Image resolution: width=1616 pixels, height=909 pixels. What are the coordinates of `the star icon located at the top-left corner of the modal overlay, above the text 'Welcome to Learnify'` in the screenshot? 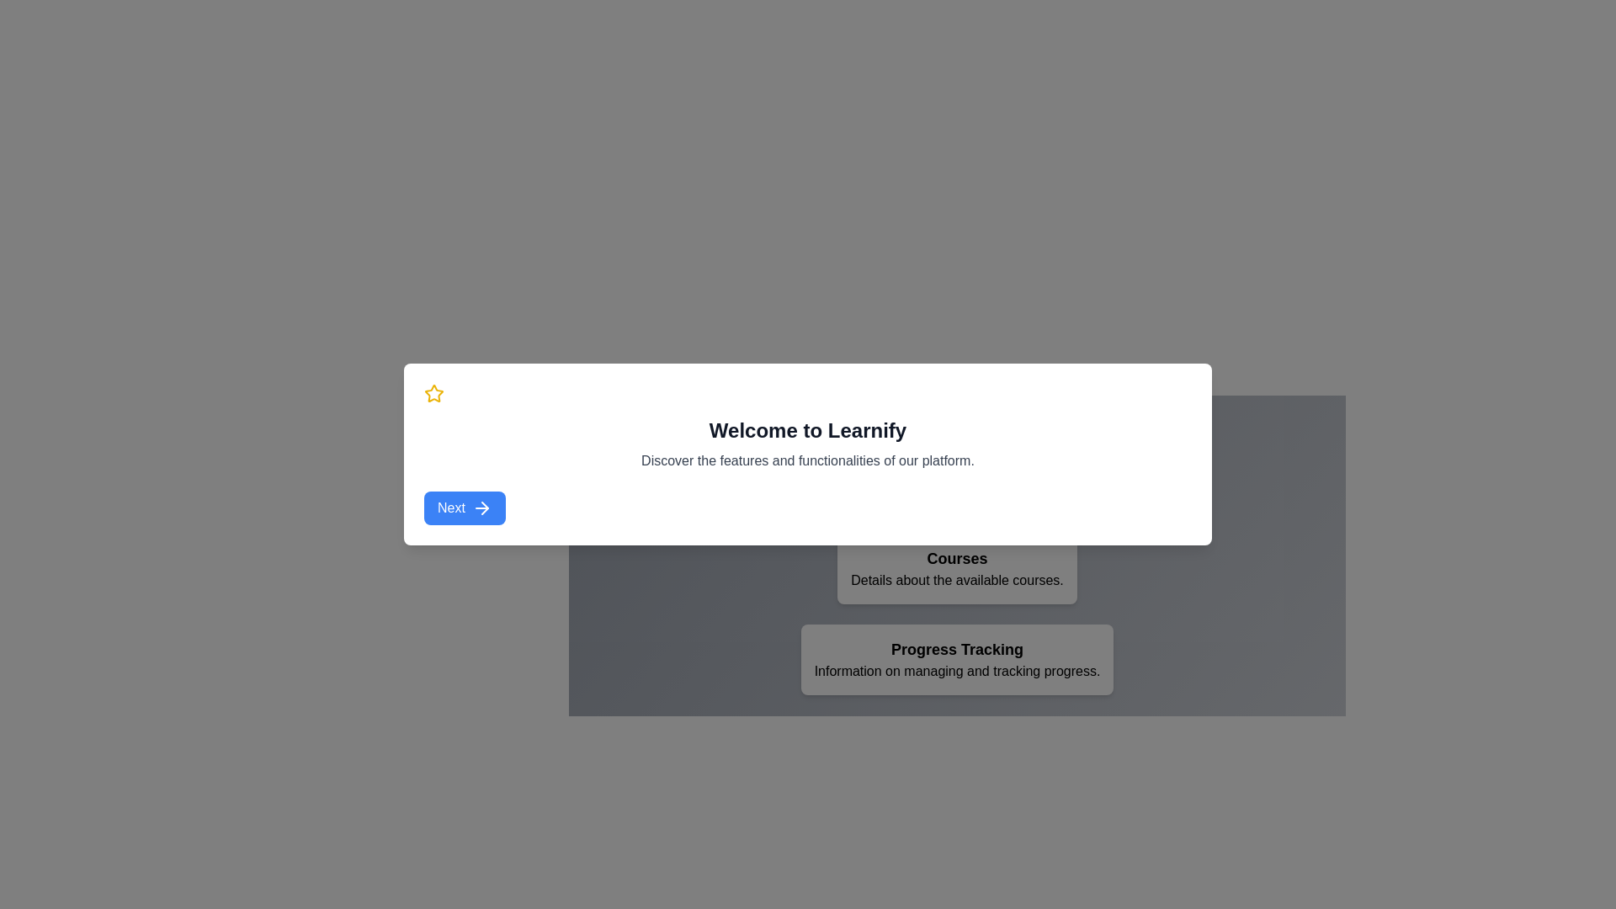 It's located at (433, 392).